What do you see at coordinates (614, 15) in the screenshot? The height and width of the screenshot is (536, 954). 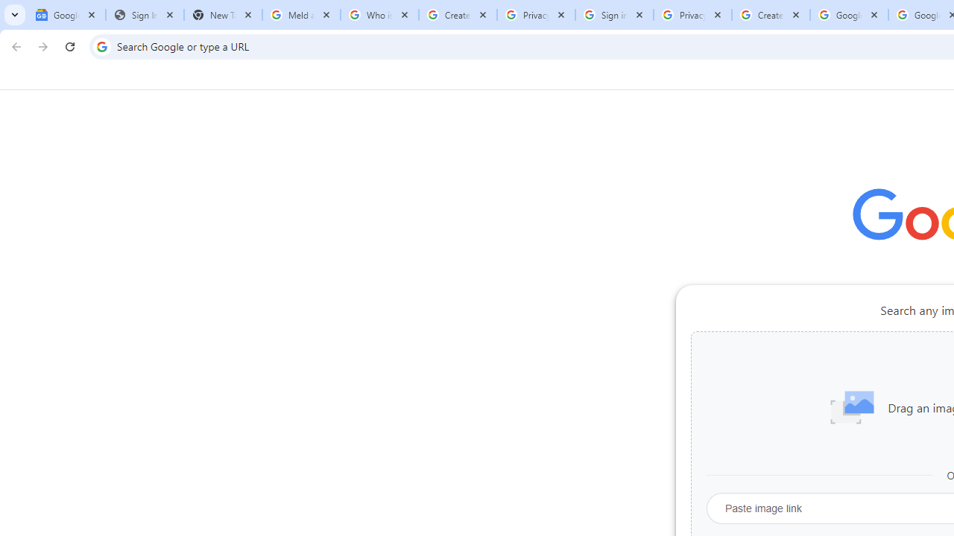 I see `'Sign in - Google Accounts'` at bounding box center [614, 15].